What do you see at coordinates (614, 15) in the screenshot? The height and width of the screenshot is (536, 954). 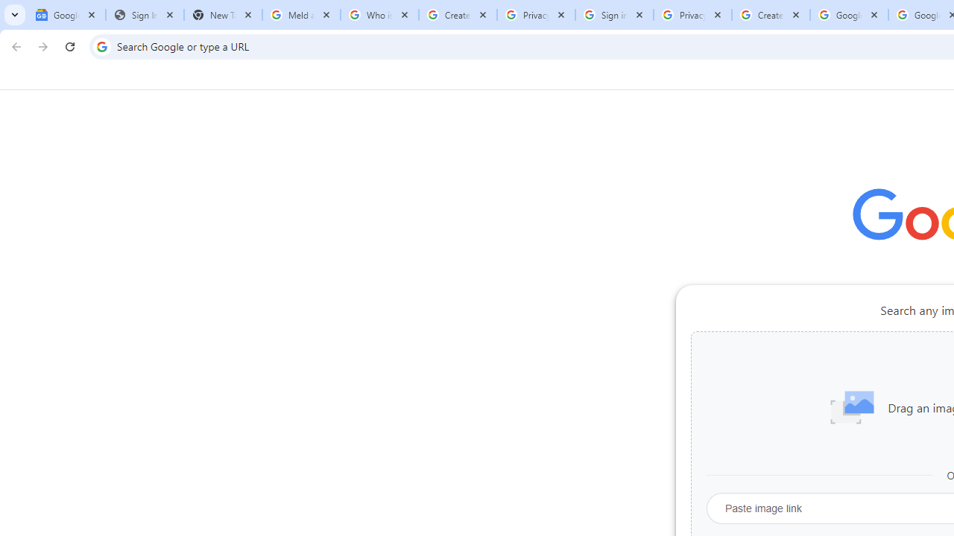 I see `'Sign in - Google Accounts'` at bounding box center [614, 15].